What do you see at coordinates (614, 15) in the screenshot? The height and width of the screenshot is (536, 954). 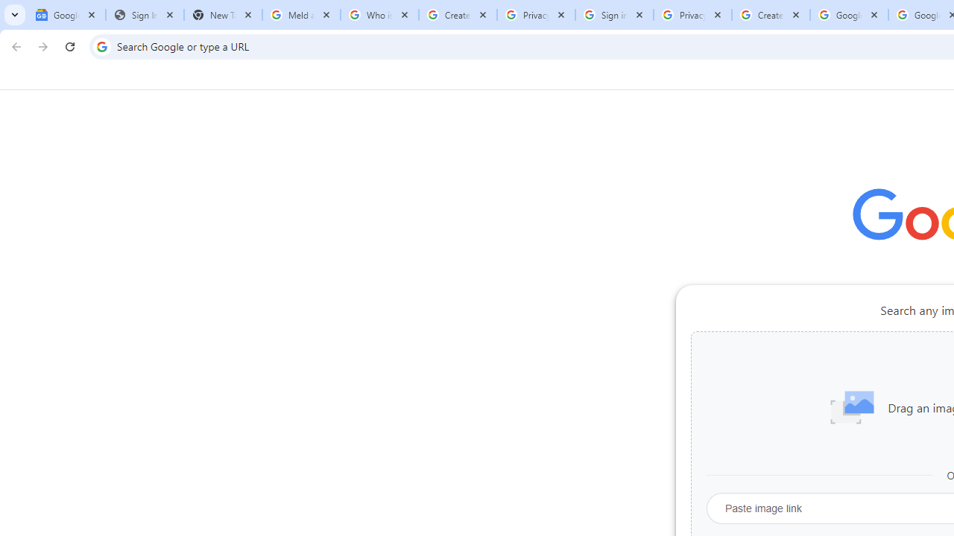 I see `'Sign in - Google Accounts'` at bounding box center [614, 15].